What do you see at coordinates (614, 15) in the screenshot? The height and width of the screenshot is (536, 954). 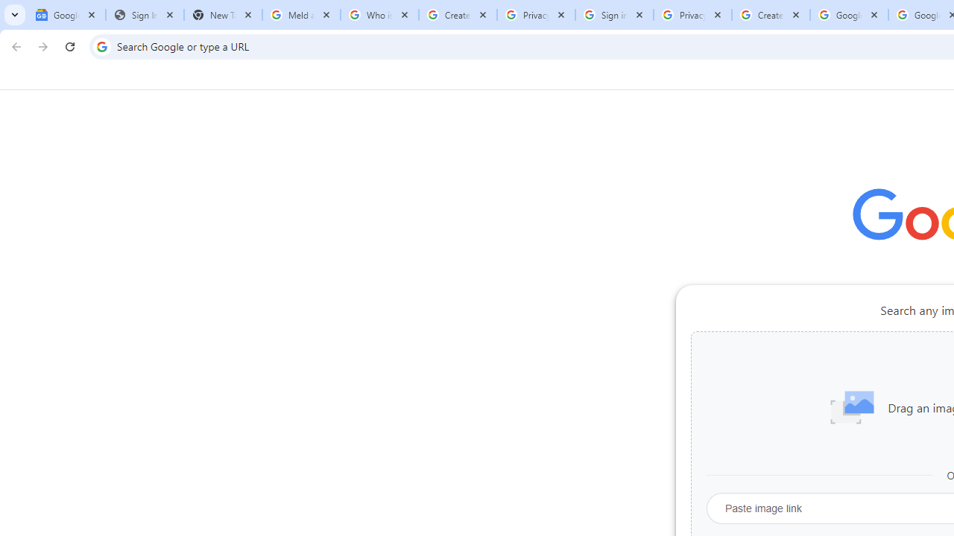 I see `'Sign in - Google Accounts'` at bounding box center [614, 15].